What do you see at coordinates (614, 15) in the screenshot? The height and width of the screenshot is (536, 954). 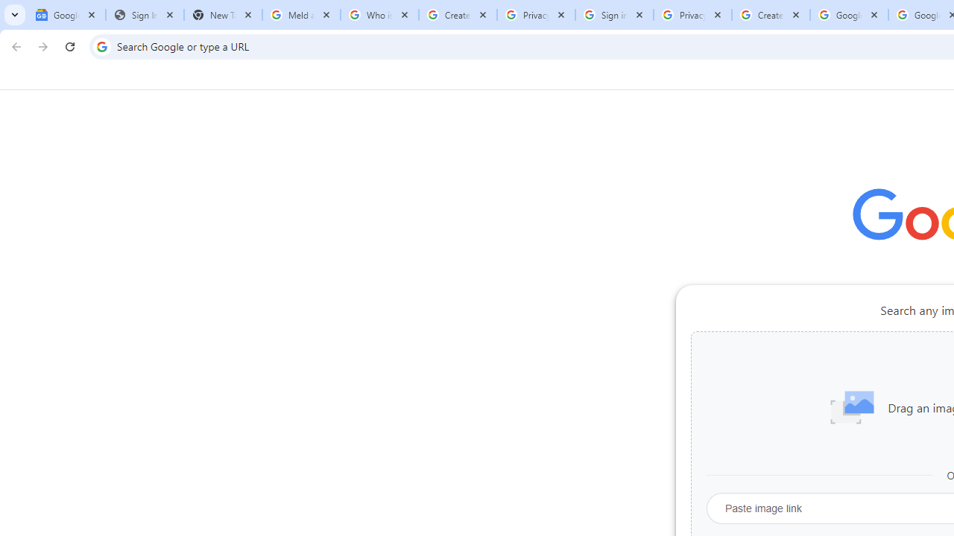 I see `'Sign in - Google Accounts'` at bounding box center [614, 15].